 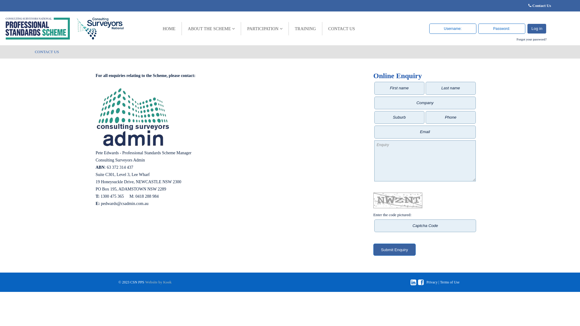 I want to click on 'Log in', so click(x=536, y=29).